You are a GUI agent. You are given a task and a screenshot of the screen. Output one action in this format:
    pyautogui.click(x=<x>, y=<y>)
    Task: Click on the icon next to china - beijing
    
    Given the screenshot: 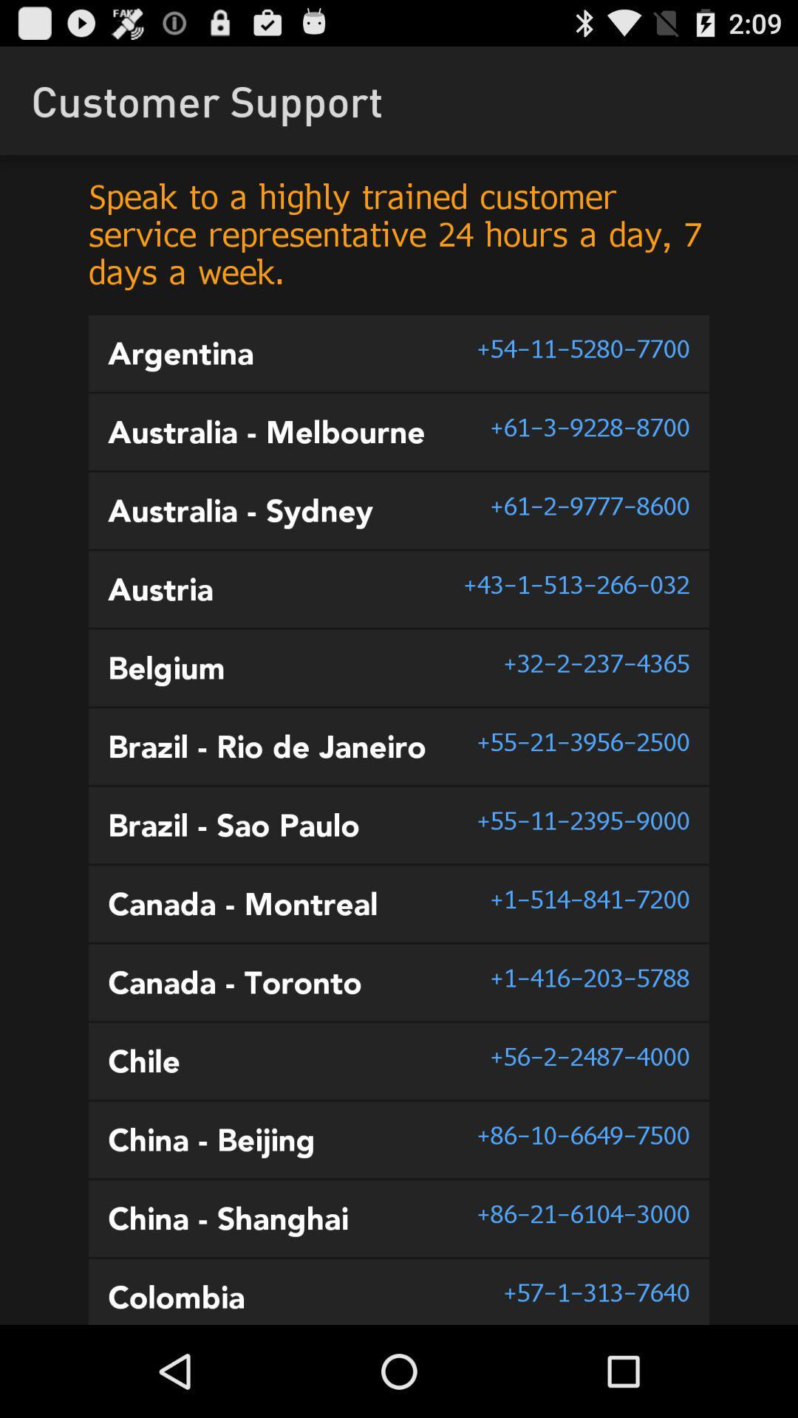 What is the action you would take?
    pyautogui.click(x=582, y=1134)
    